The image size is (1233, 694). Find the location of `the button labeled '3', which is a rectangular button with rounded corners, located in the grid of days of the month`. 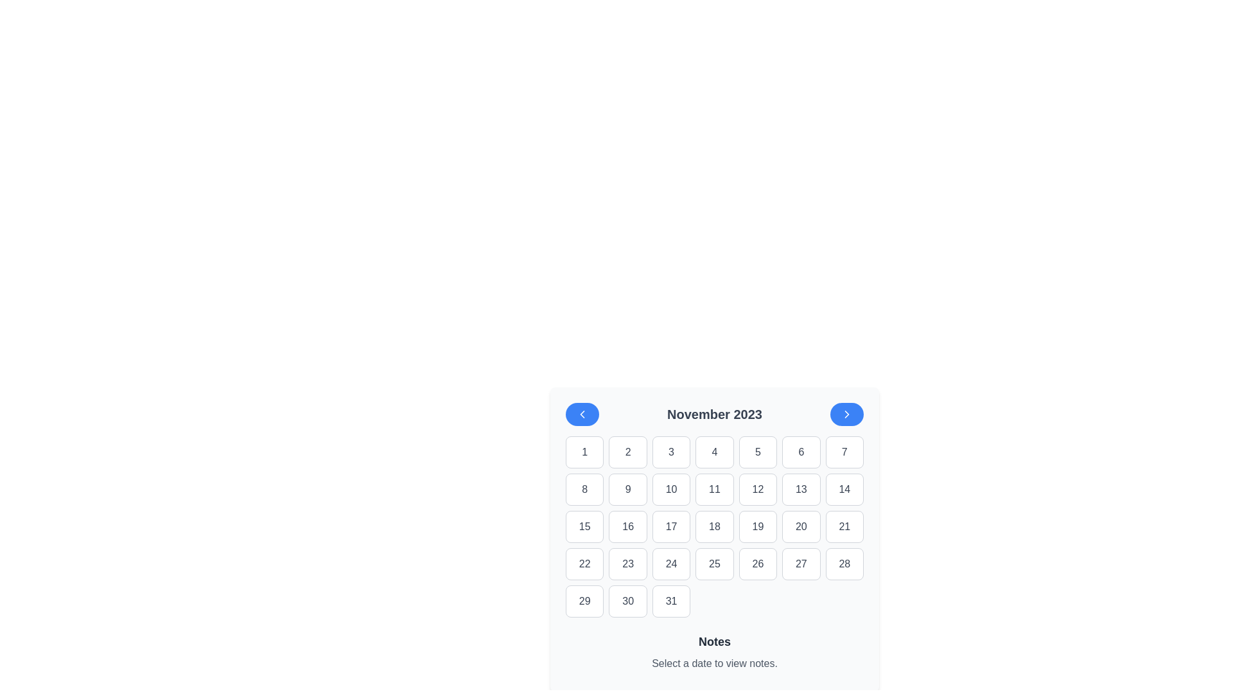

the button labeled '3', which is a rectangular button with rounded corners, located in the grid of days of the month is located at coordinates (670, 452).